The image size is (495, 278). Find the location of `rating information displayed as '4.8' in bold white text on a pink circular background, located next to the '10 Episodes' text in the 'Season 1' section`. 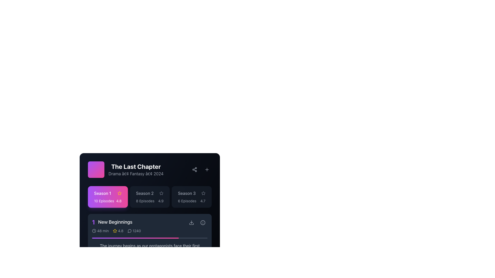

rating information displayed as '4.8' in bold white text on a pink circular background, located next to the '10 Episodes' text in the 'Season 1' section is located at coordinates (119, 201).